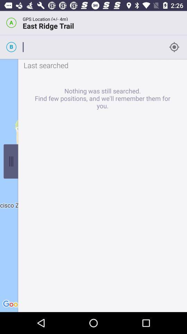  Describe the element at coordinates (175, 47) in the screenshot. I see `the location_crosshair icon` at that location.